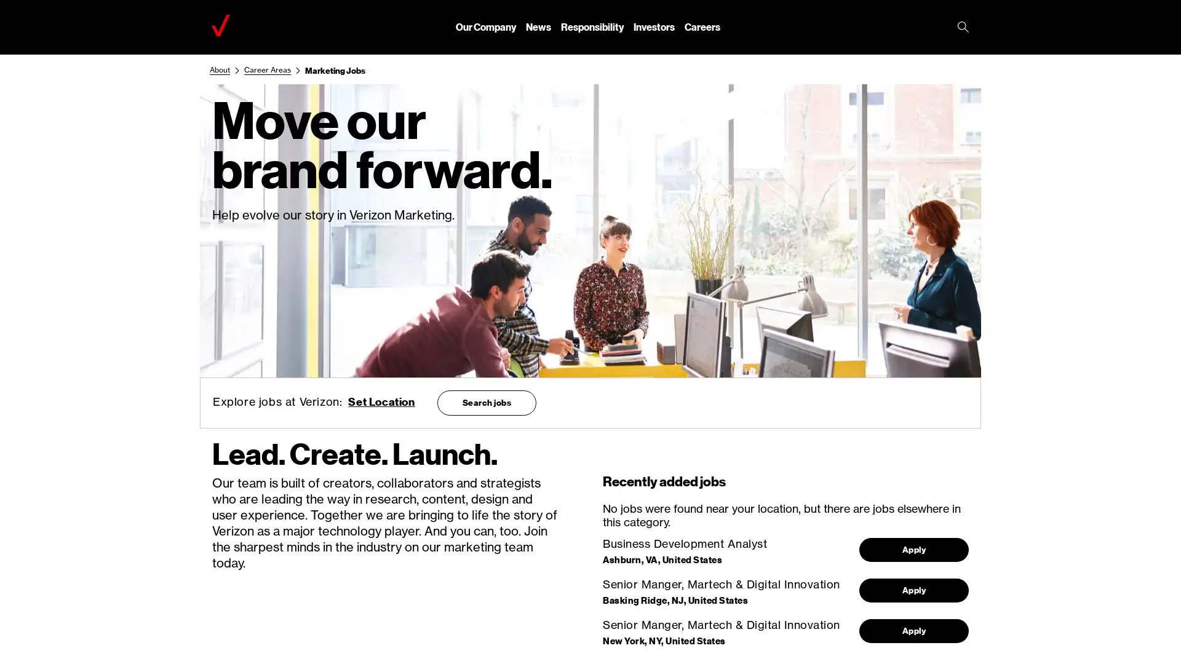 This screenshot has width=1181, height=664. Describe the element at coordinates (653, 26) in the screenshot. I see `Investors Menu List` at that location.